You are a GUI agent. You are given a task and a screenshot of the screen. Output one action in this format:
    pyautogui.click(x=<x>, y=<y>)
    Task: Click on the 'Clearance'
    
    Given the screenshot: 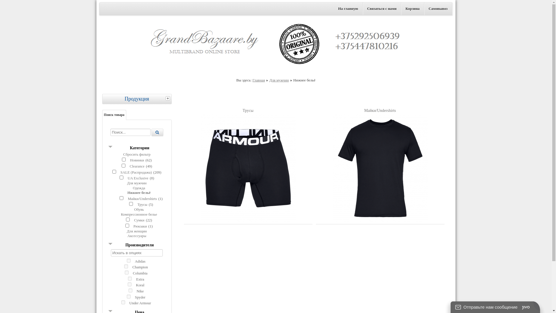 What is the action you would take?
    pyautogui.click(x=137, y=166)
    